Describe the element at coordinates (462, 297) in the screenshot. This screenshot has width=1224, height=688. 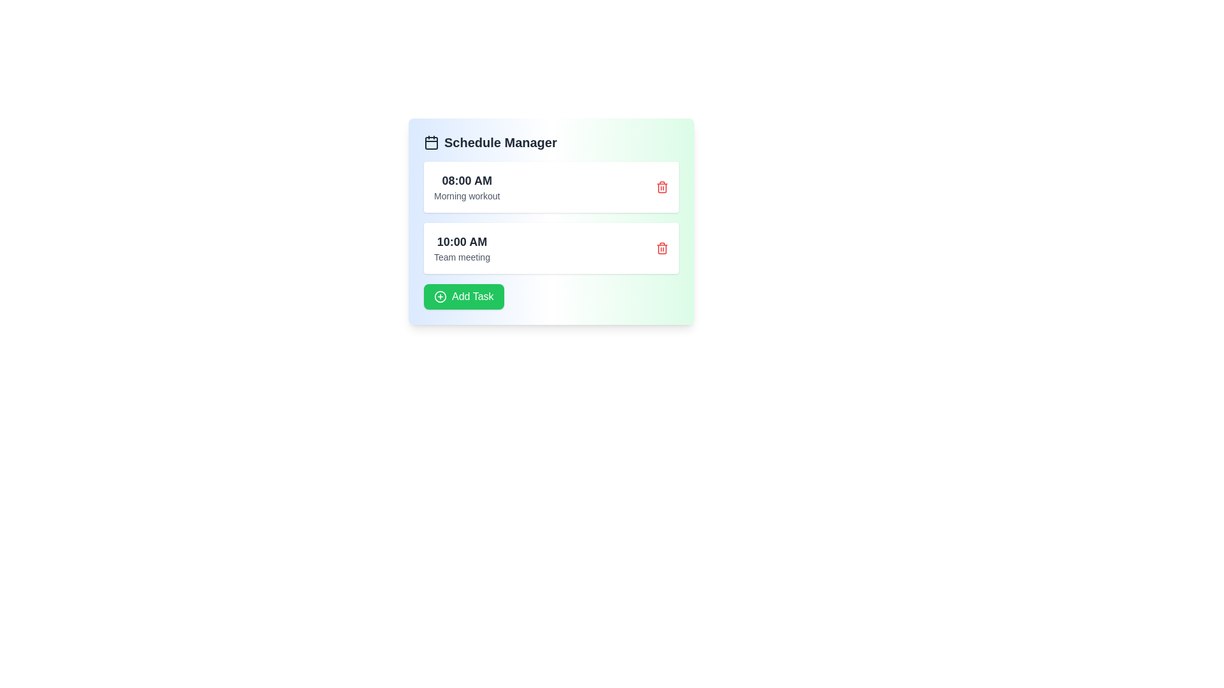
I see `'Add Task' button to add a new task` at that location.